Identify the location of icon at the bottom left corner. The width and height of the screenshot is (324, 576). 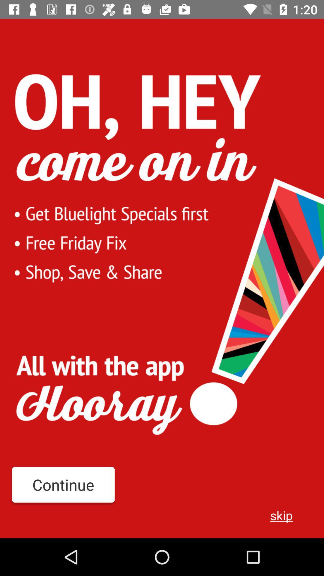
(63, 484).